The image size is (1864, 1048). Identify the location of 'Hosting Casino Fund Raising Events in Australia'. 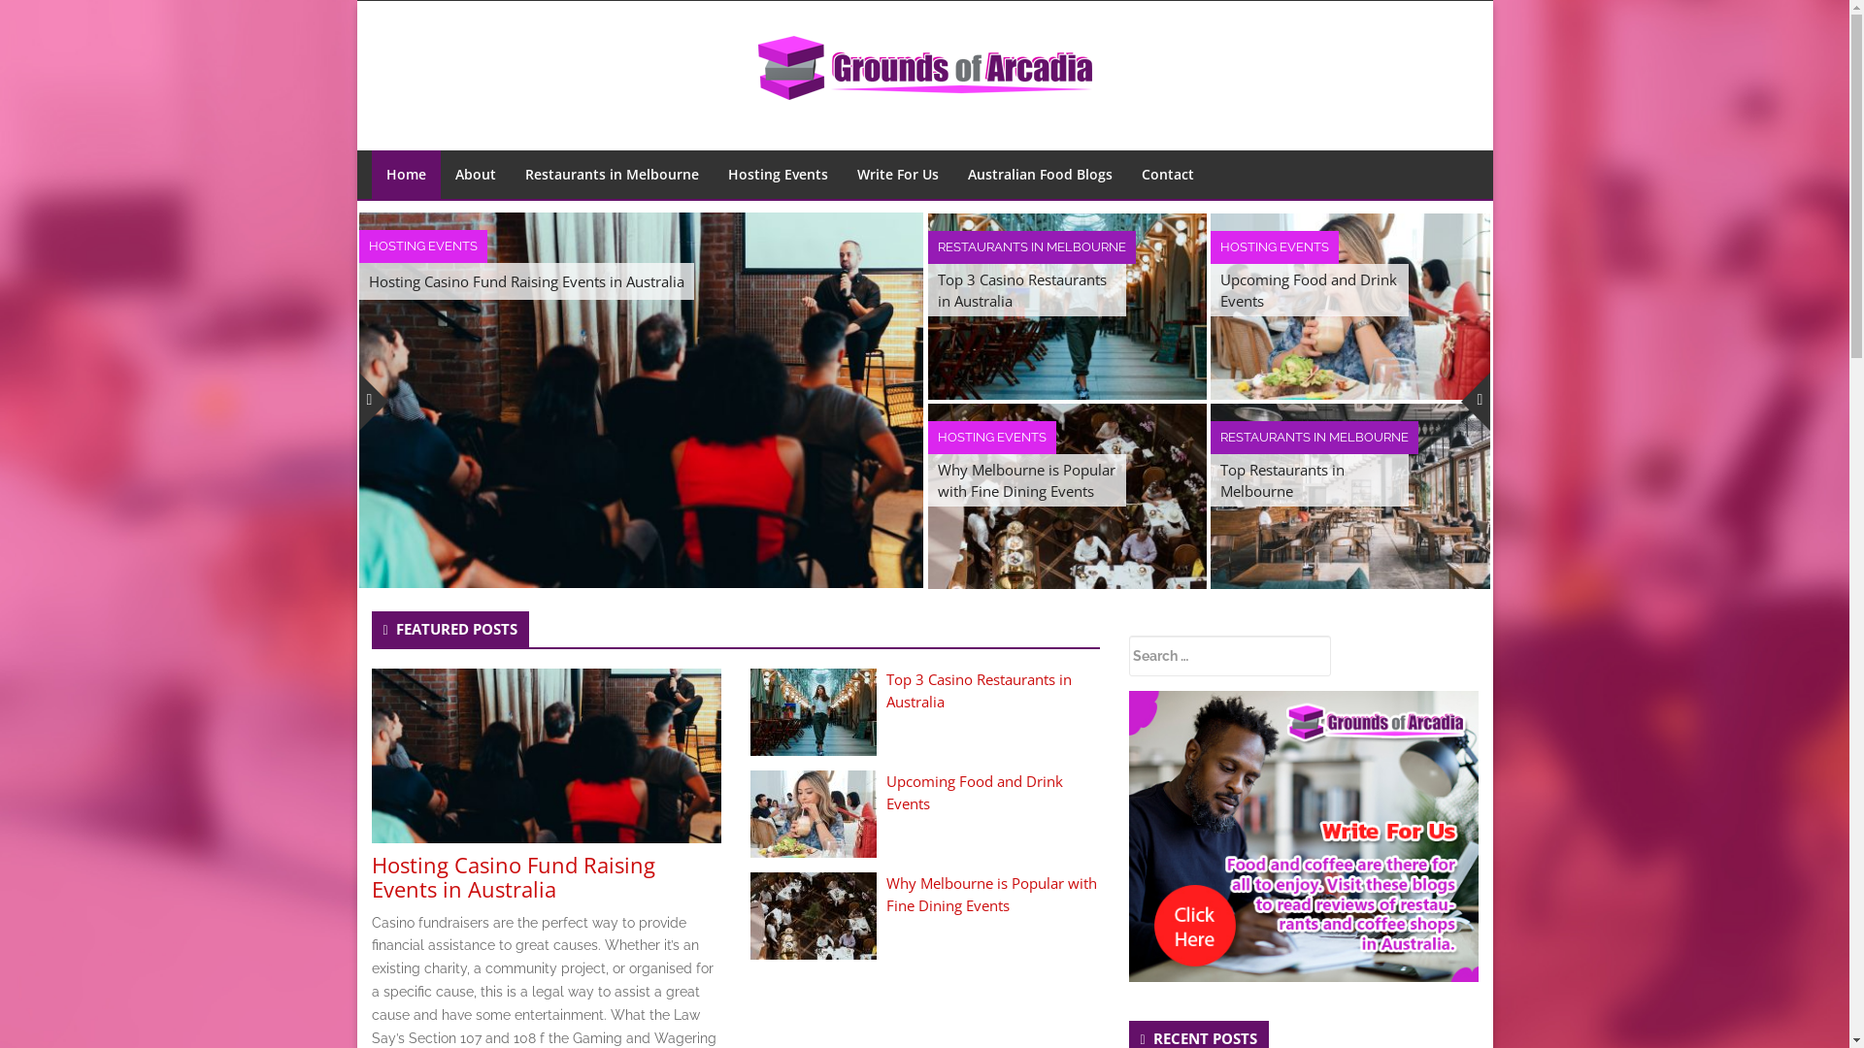
(526, 280).